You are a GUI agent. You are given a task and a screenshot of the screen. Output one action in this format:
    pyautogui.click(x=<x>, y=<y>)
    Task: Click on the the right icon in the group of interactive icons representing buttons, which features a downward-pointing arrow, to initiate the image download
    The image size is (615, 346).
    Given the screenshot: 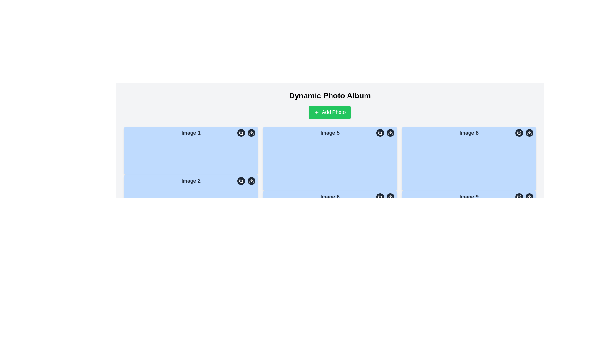 What is the action you would take?
    pyautogui.click(x=246, y=181)
    